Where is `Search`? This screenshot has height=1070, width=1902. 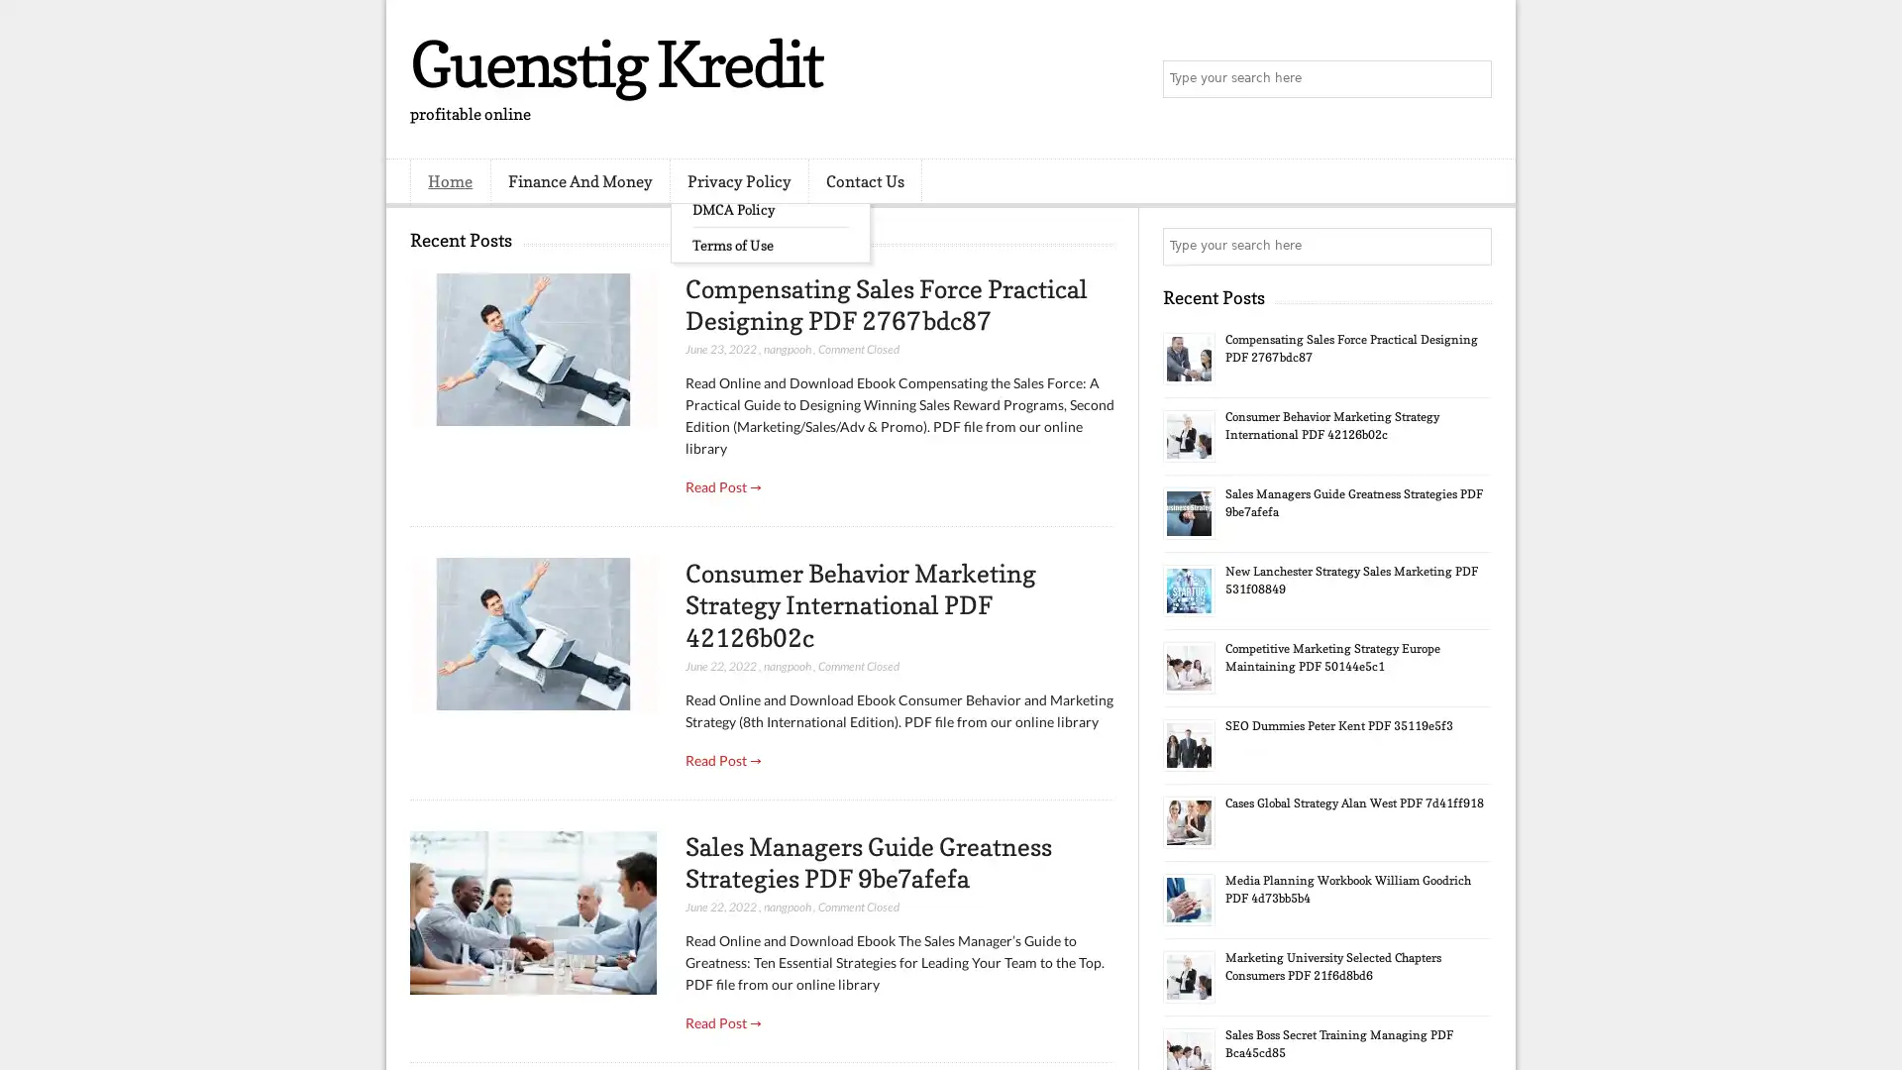 Search is located at coordinates (1471, 246).